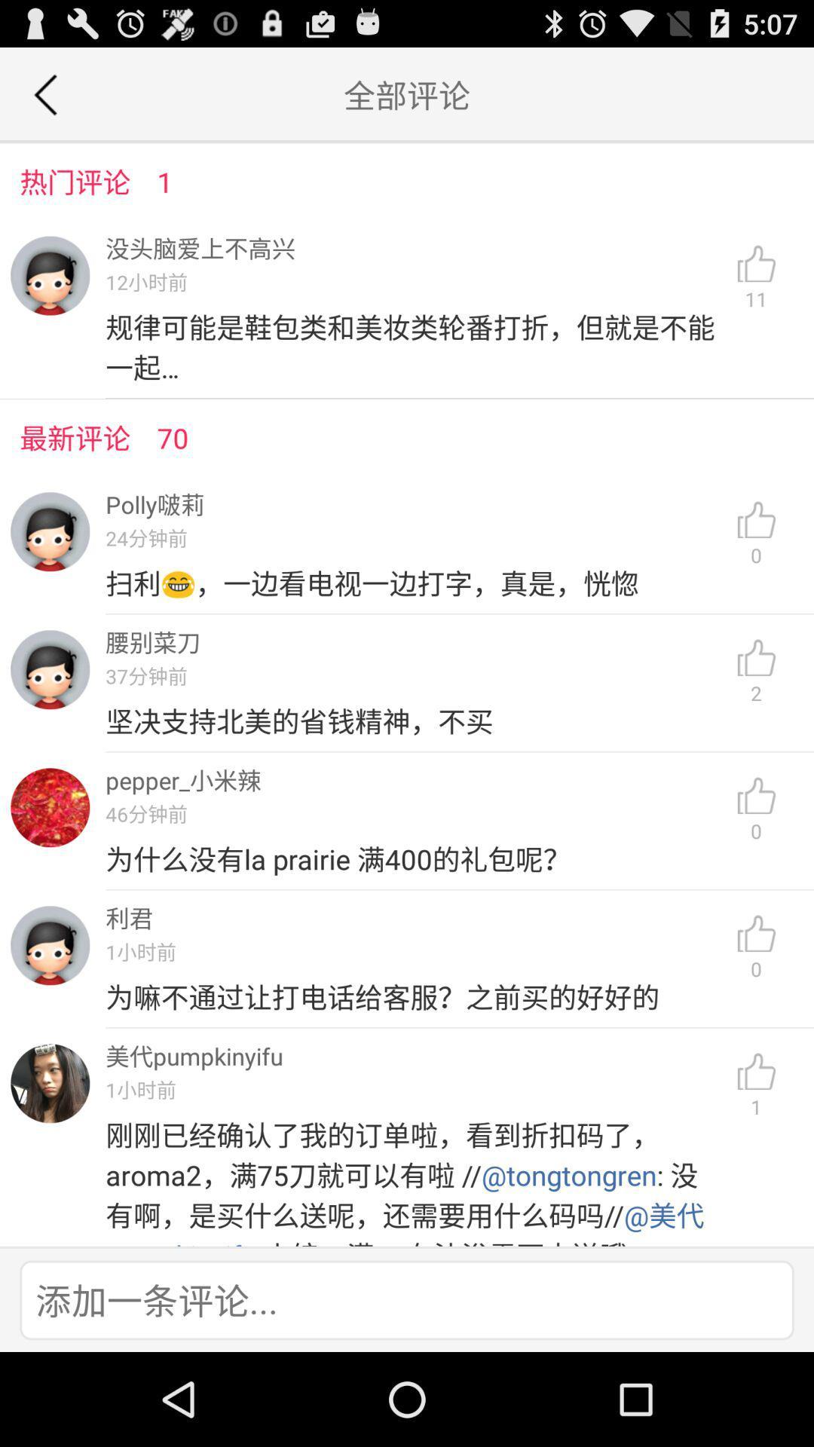 This screenshot has width=814, height=1447. I want to click on the icon next to the 11 icon, so click(415, 346).